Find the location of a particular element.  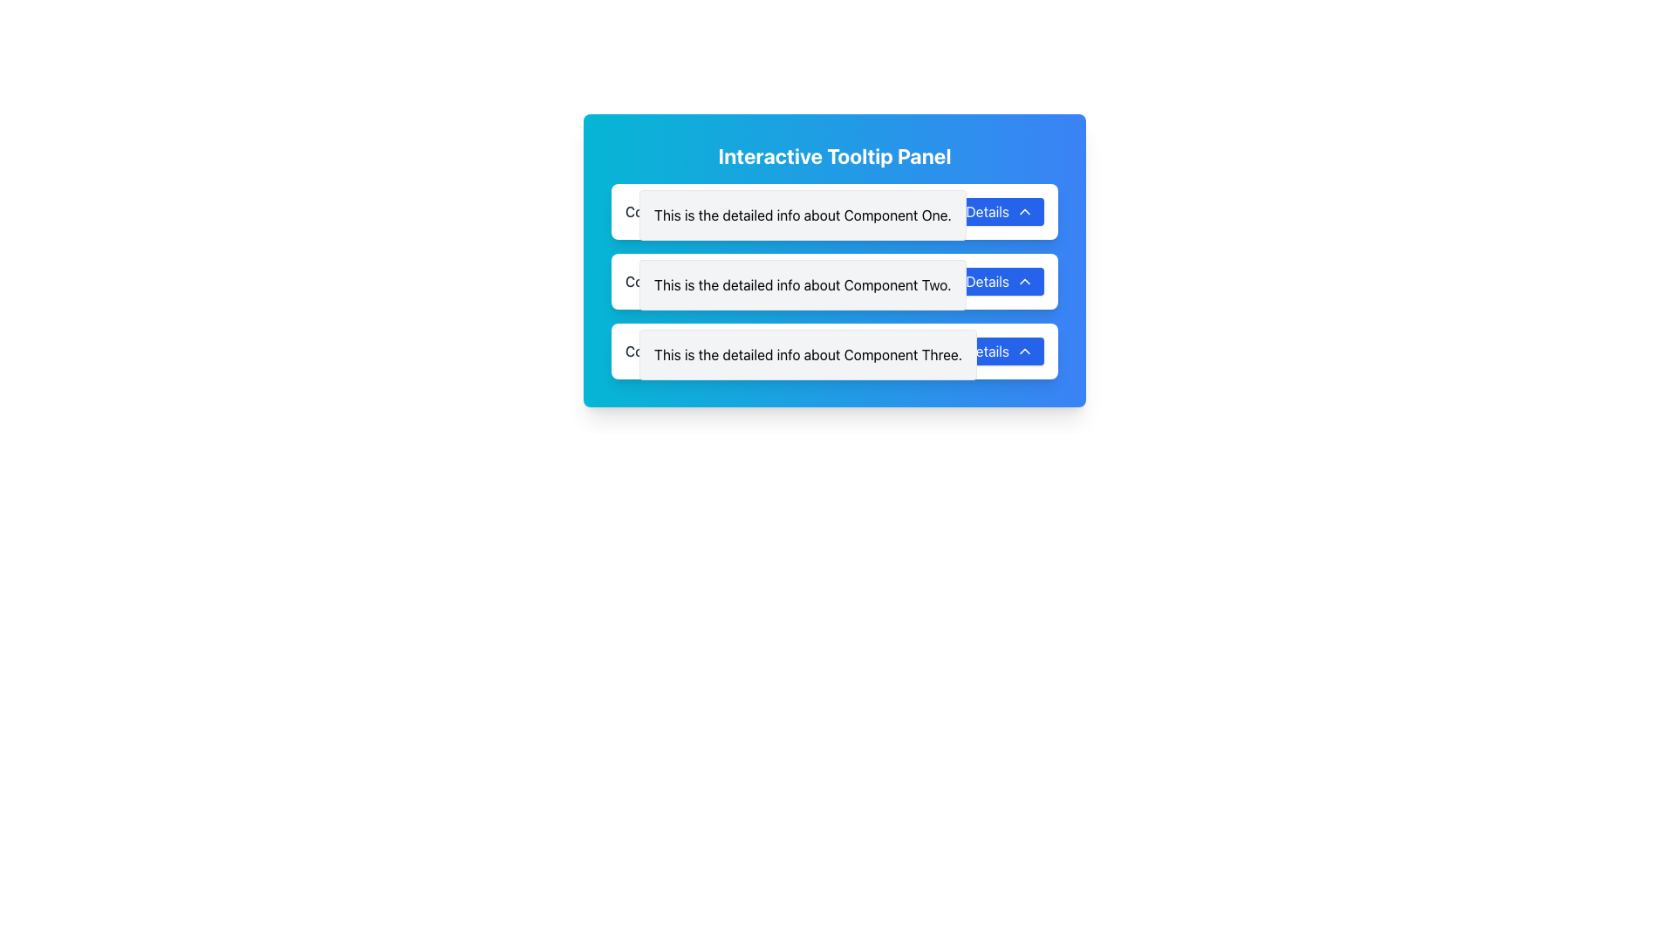

the upward-pointing chevron arrow icon located in the bottom-right of the 'Details' button is located at coordinates (1025, 351).